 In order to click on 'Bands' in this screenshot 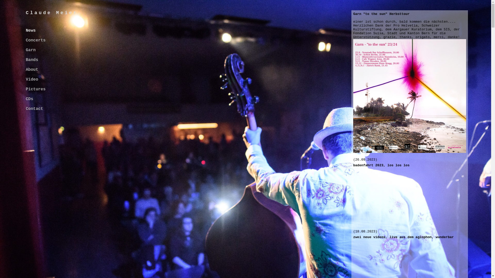, I will do `click(32, 59)`.